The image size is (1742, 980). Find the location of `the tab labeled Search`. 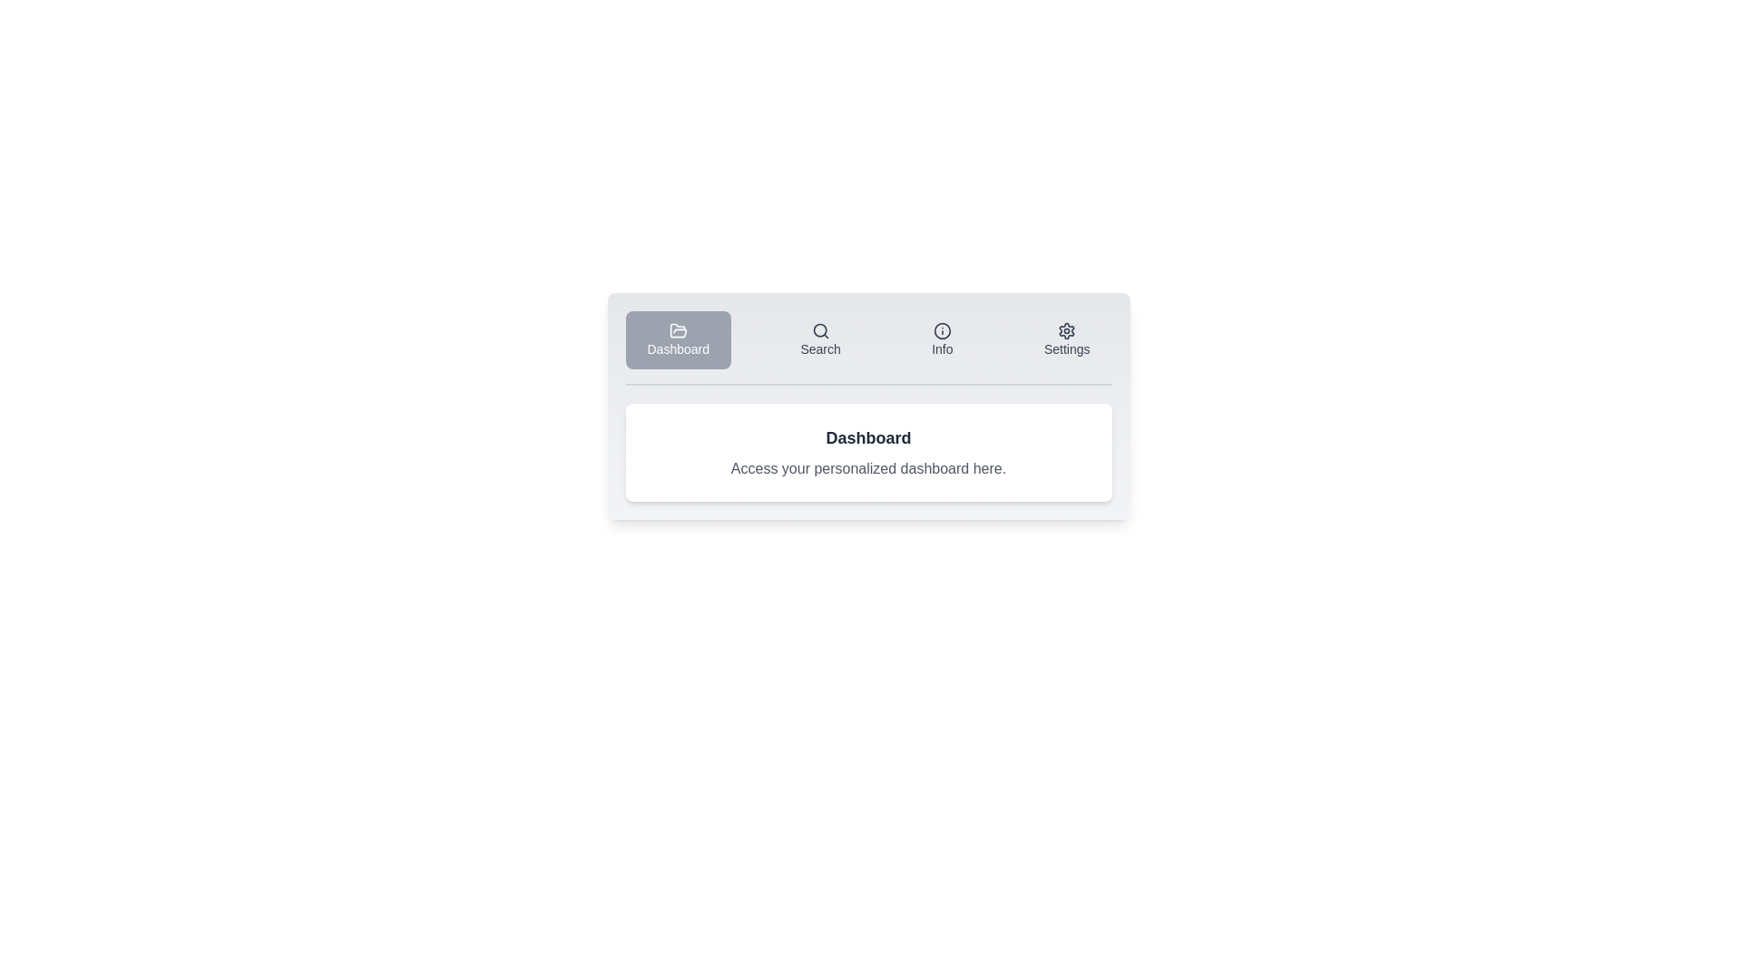

the tab labeled Search is located at coordinates (819, 339).